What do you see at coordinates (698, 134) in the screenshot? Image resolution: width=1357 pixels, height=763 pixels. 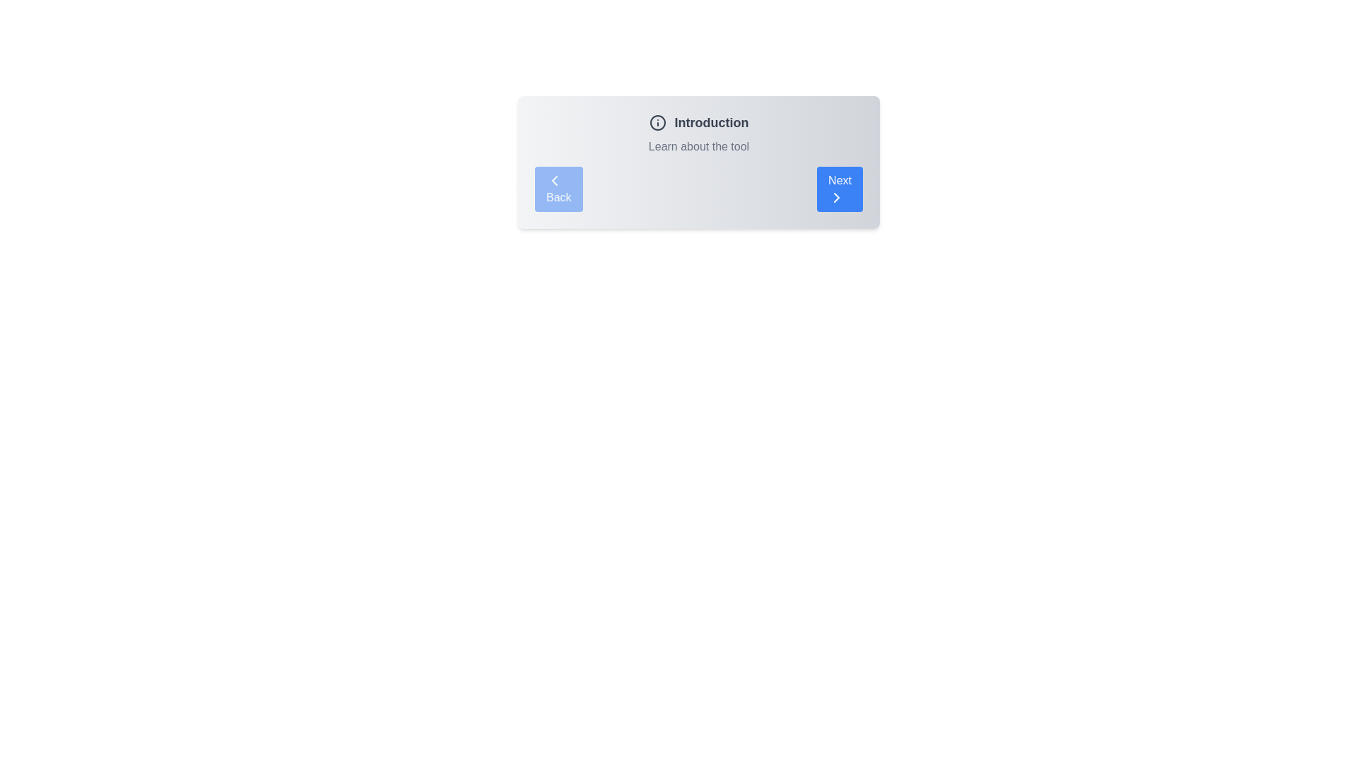 I see `the informational header element that introduces the tool to read the descriptive text` at bounding box center [698, 134].